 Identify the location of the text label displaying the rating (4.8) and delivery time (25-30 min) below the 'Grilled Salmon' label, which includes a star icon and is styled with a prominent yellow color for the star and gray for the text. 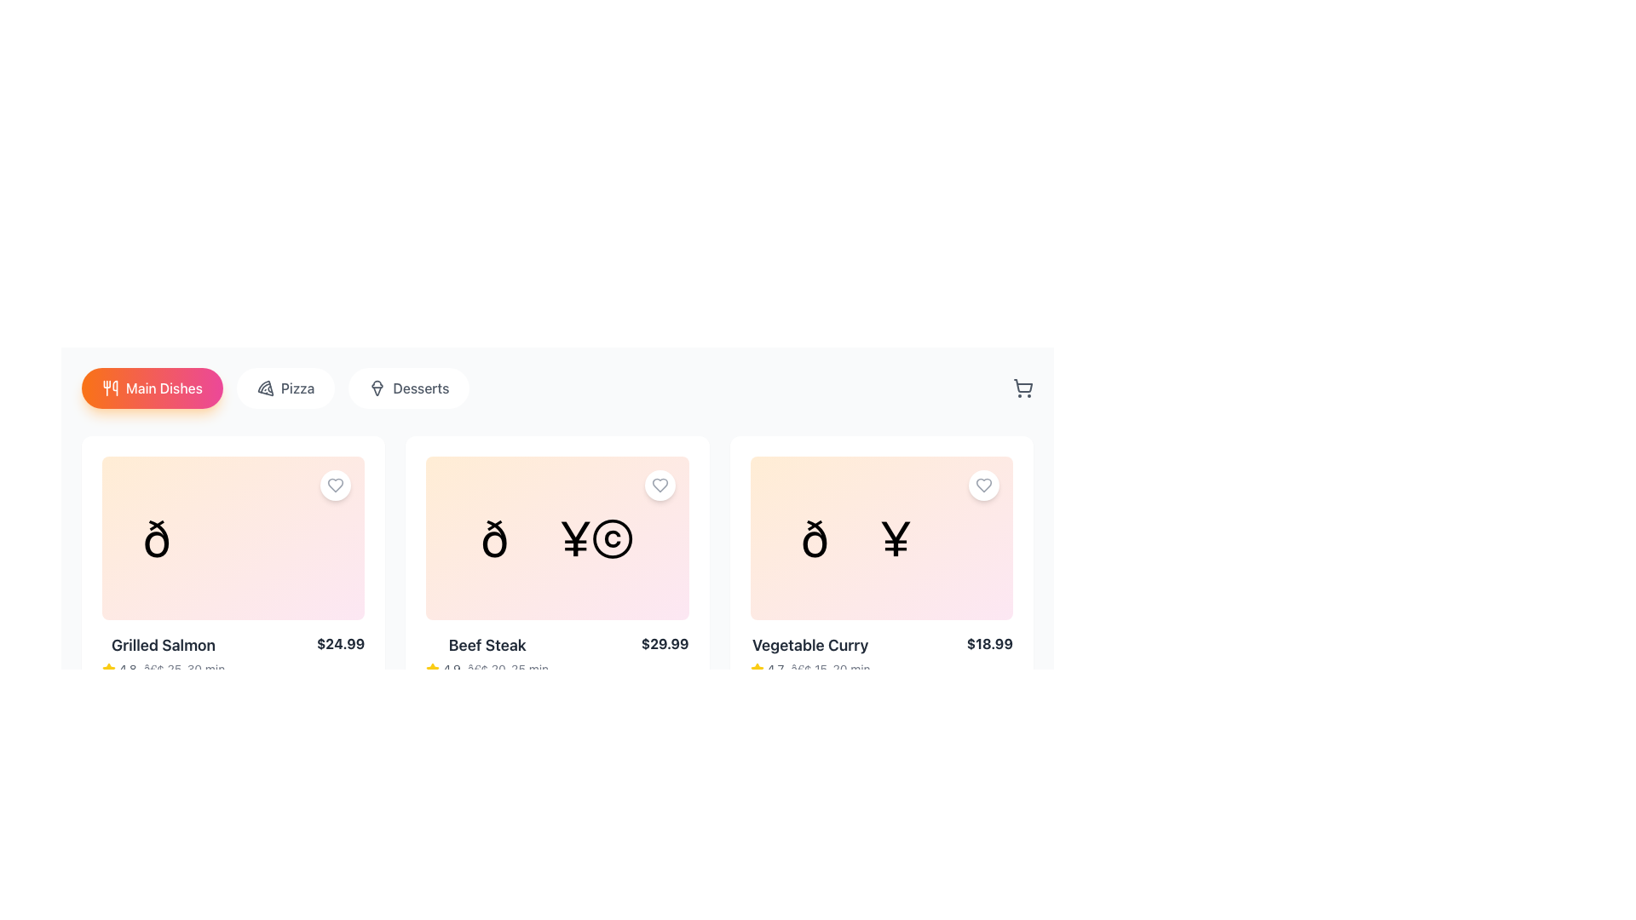
(164, 669).